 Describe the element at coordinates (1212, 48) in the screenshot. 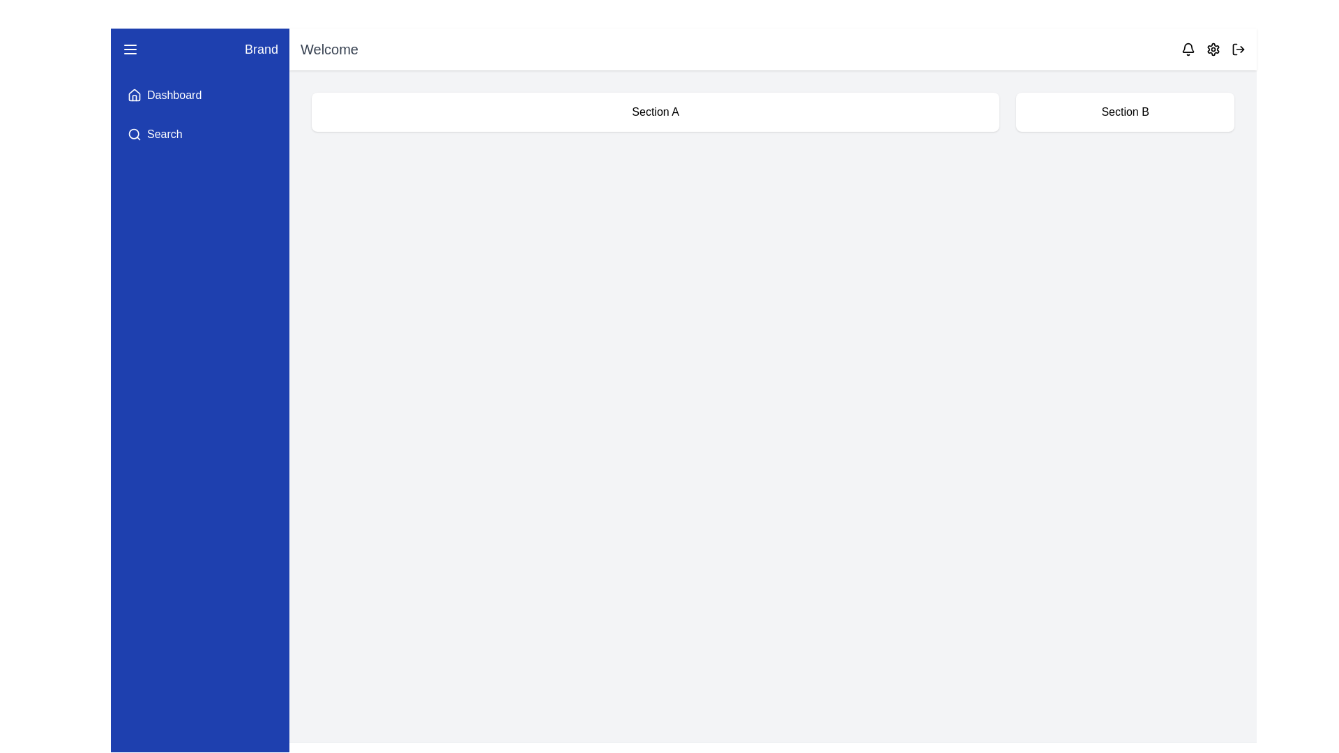

I see `the settings icon located in the upper-right corner of the interface` at that location.